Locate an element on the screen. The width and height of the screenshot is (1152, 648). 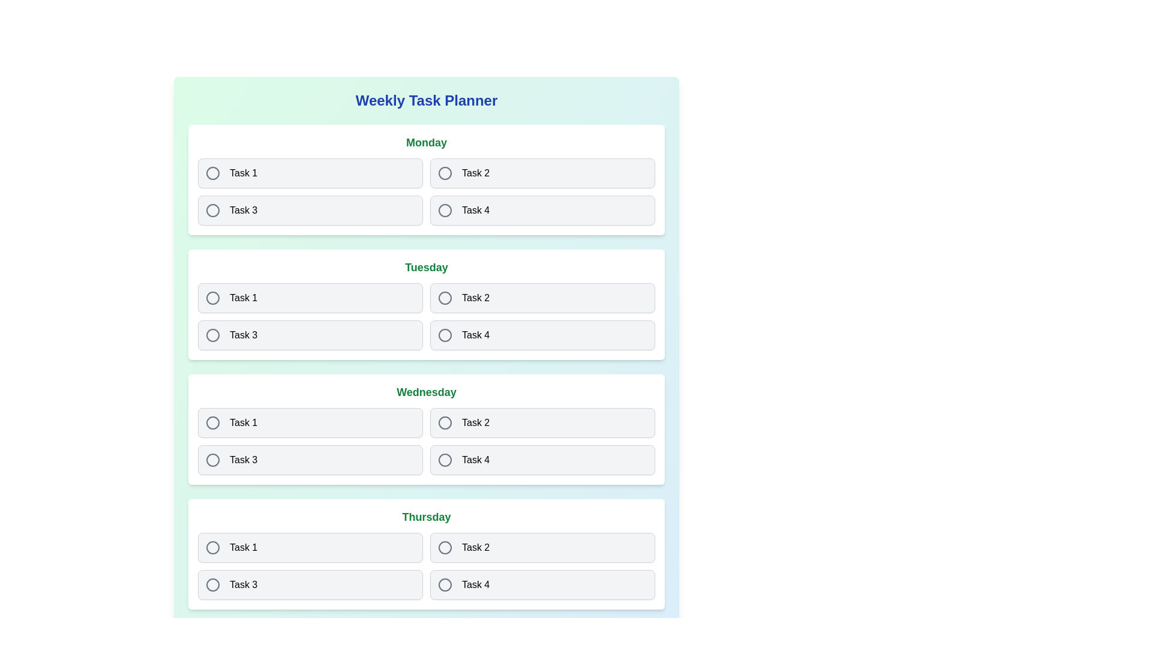
the task item labeled Monday Task 3 to toggle its completion state is located at coordinates (310, 210).